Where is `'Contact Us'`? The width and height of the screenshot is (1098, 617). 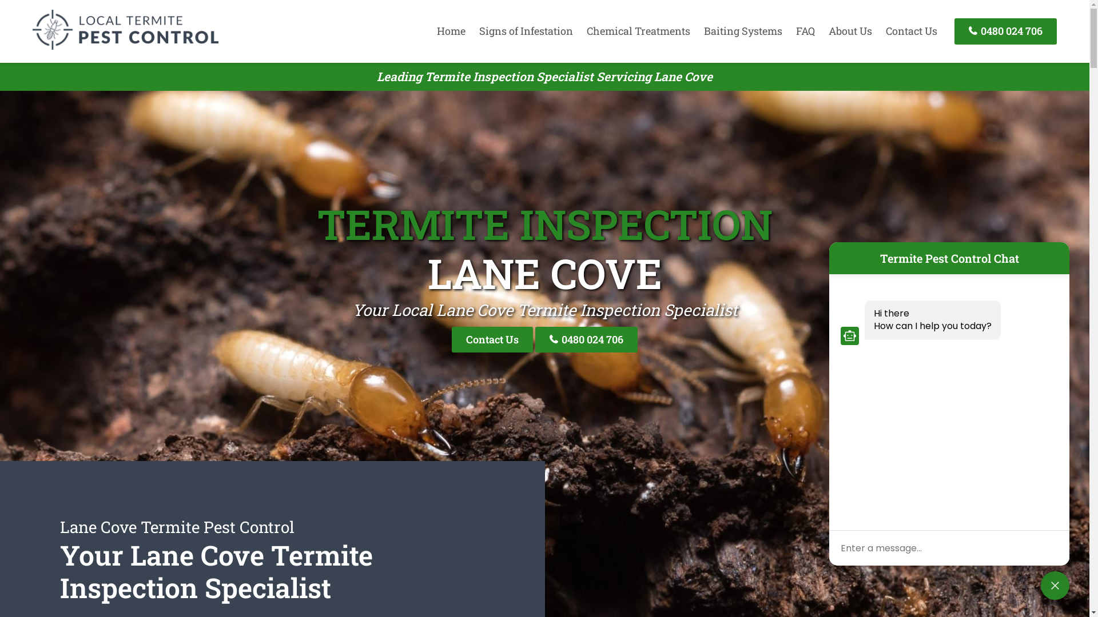 'Contact Us' is located at coordinates (492, 339).